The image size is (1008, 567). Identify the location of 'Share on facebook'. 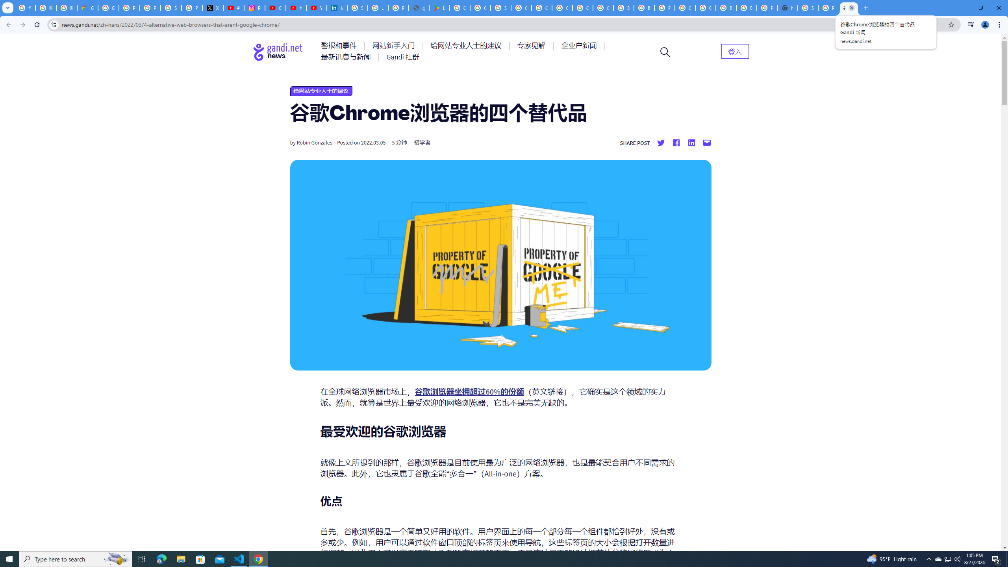
(676, 142).